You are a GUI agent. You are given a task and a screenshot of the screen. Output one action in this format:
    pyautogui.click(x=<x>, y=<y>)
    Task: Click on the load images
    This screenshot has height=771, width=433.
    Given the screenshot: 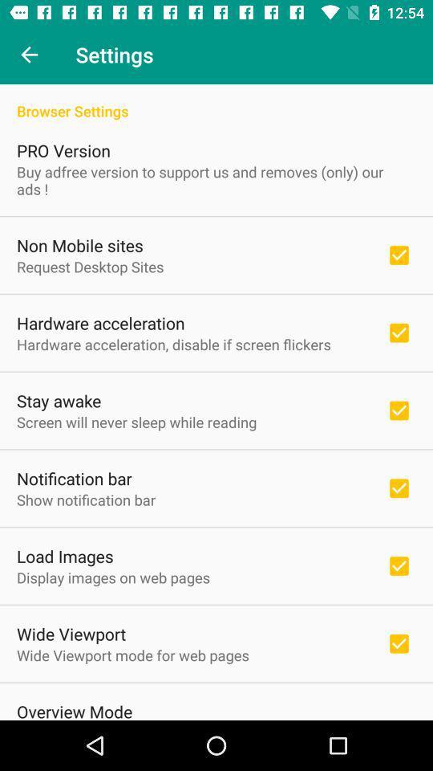 What is the action you would take?
    pyautogui.click(x=64, y=556)
    